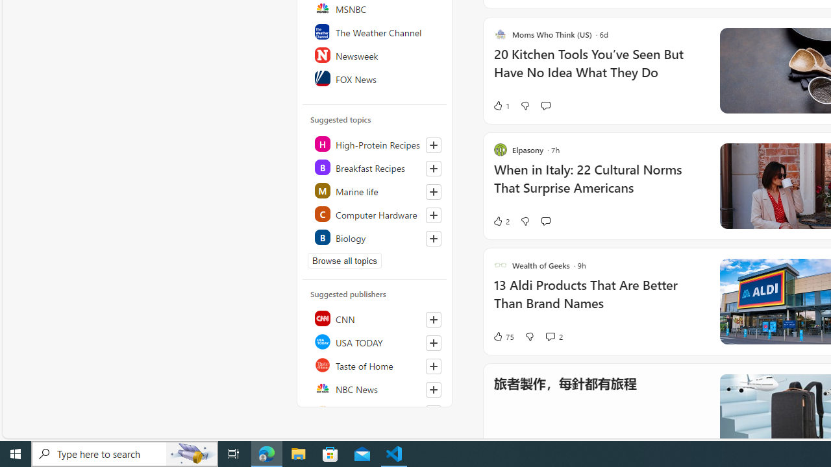 The image size is (831, 467). Describe the element at coordinates (550, 336) in the screenshot. I see `'View comments 2 Comment'` at that location.